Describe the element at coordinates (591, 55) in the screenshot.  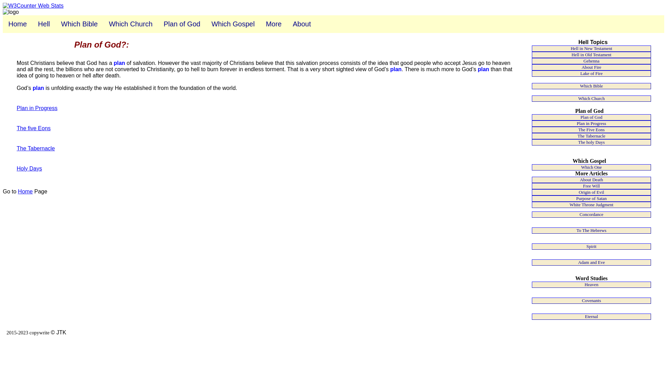
I see `'Hell in Old Testament'` at that location.